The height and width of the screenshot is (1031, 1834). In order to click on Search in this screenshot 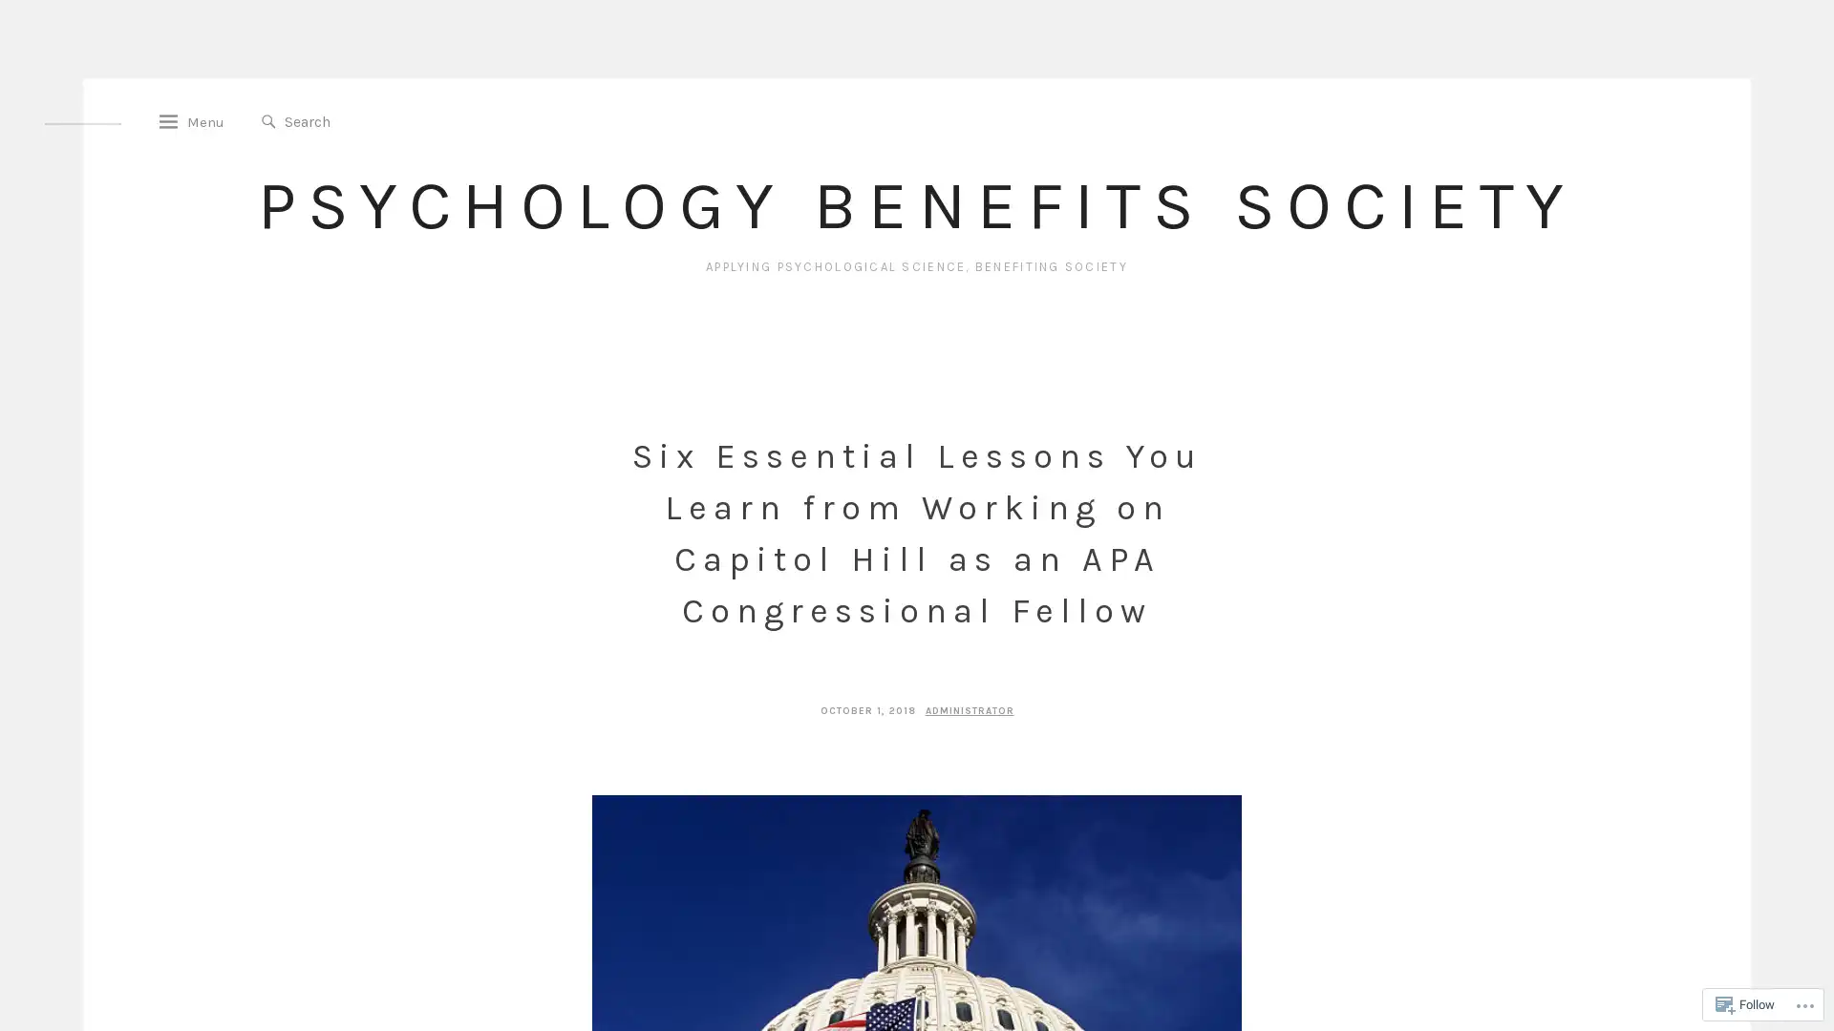, I will do `click(276, 129)`.